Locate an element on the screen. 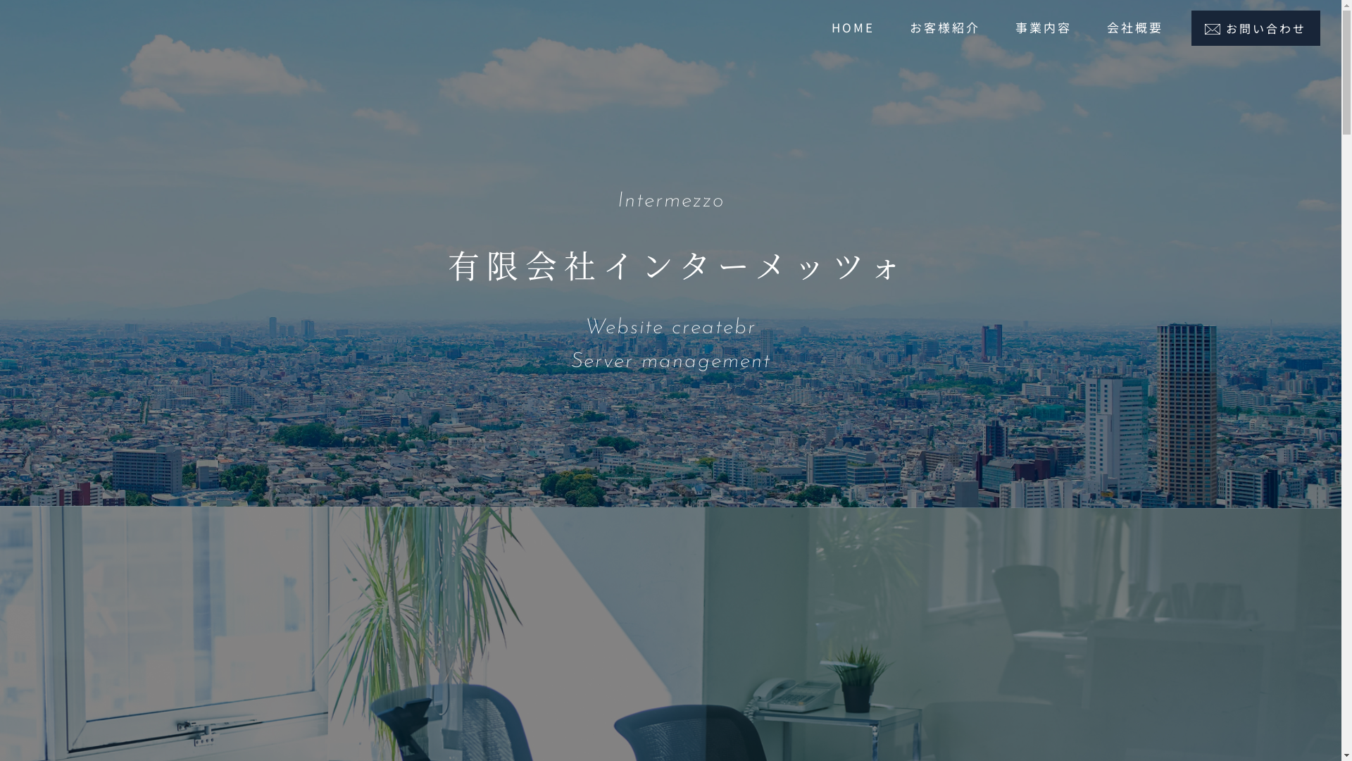  'HOME' is located at coordinates (852, 27).